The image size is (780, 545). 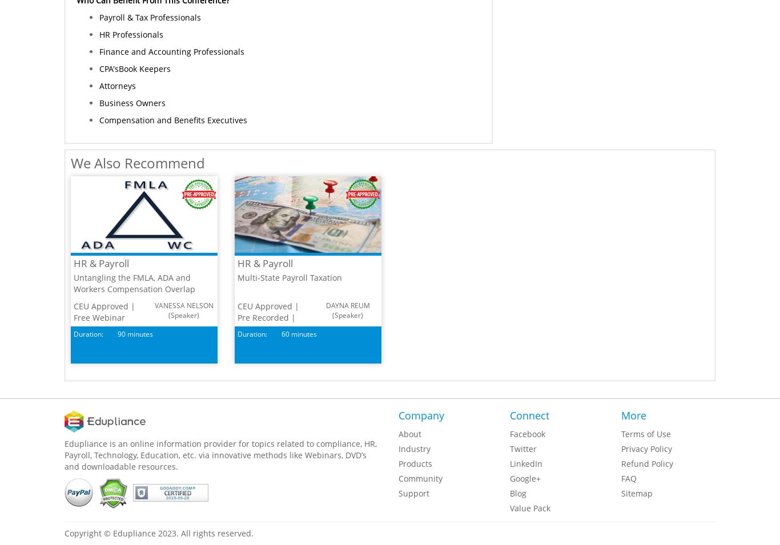 What do you see at coordinates (138, 162) in the screenshot?
I see `'We Also Recommend'` at bounding box center [138, 162].